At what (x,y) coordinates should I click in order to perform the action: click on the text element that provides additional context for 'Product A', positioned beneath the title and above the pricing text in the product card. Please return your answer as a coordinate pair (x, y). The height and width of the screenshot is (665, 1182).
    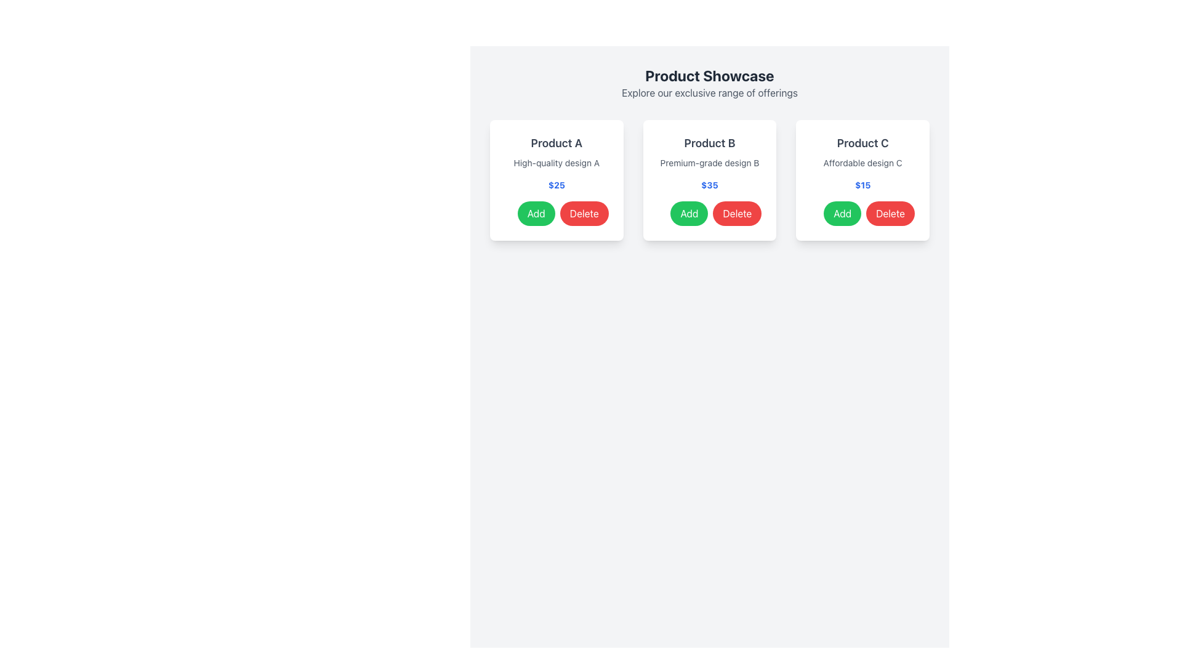
    Looking at the image, I should click on (556, 163).